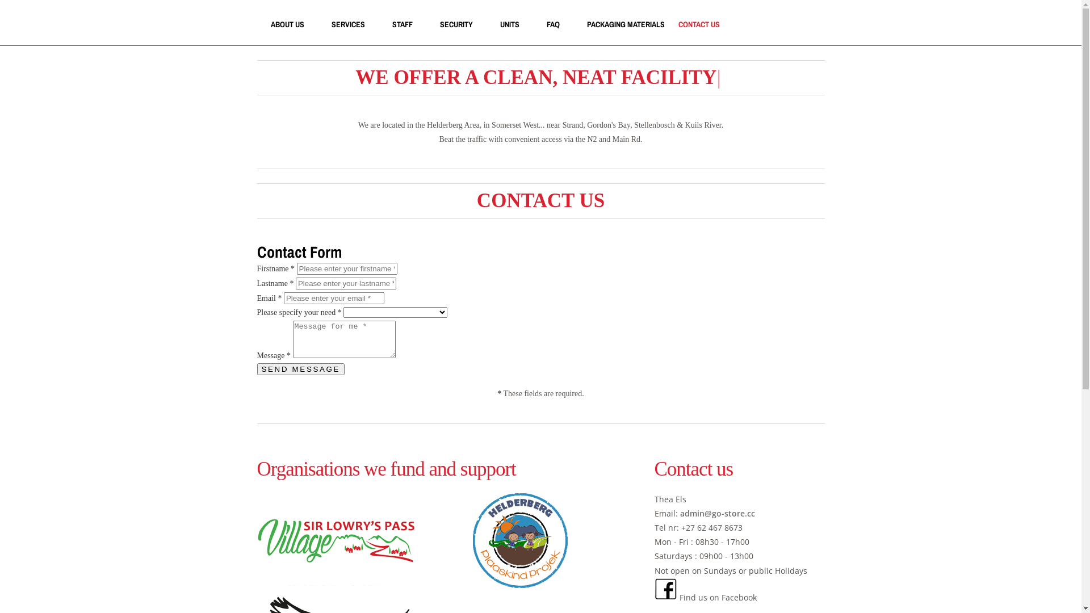  I want to click on 'SERVICES', so click(347, 24).